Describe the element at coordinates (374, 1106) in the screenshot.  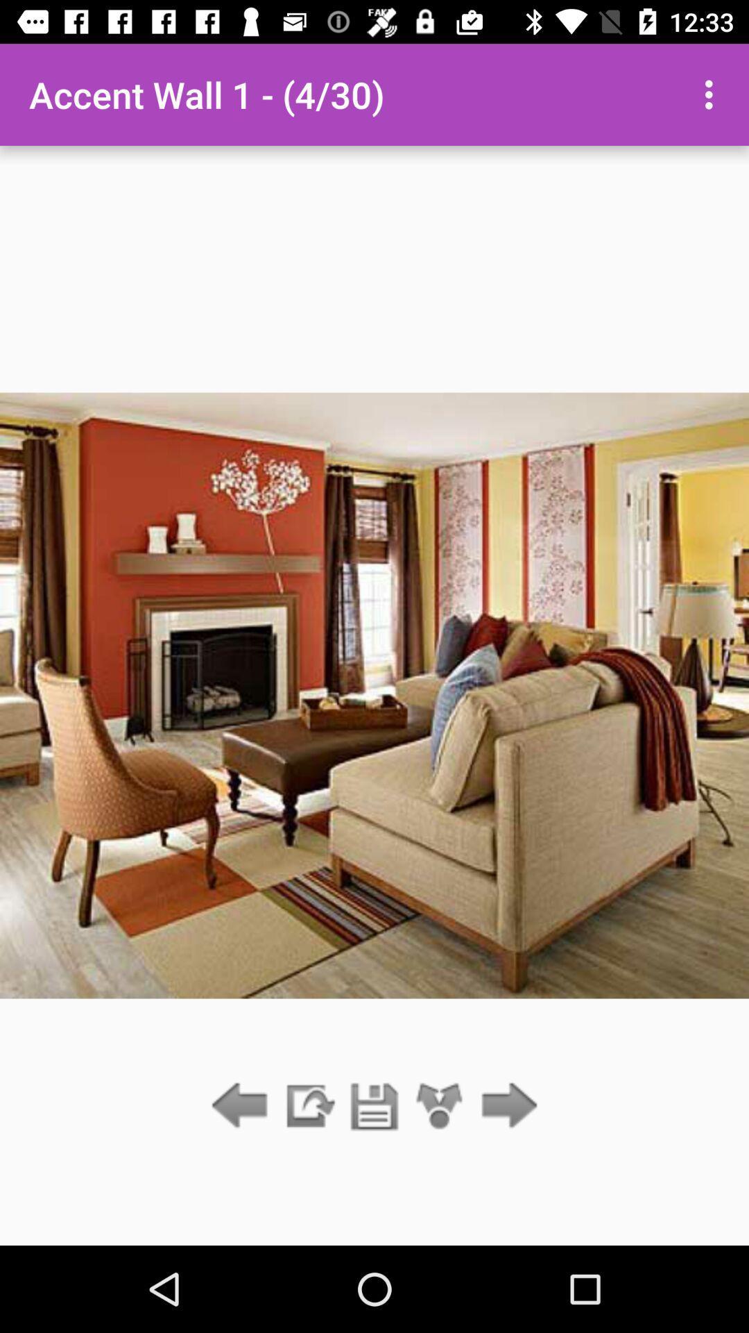
I see `the save icon` at that location.